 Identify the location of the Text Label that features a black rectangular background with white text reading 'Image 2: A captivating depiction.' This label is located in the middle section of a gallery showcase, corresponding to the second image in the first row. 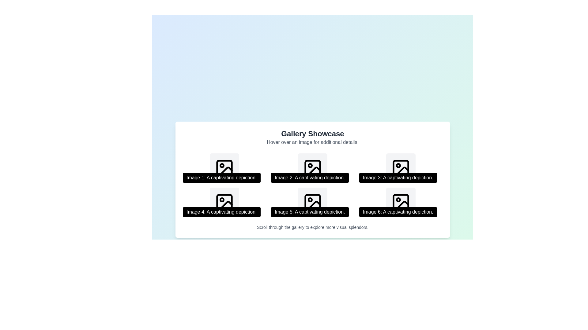
(310, 178).